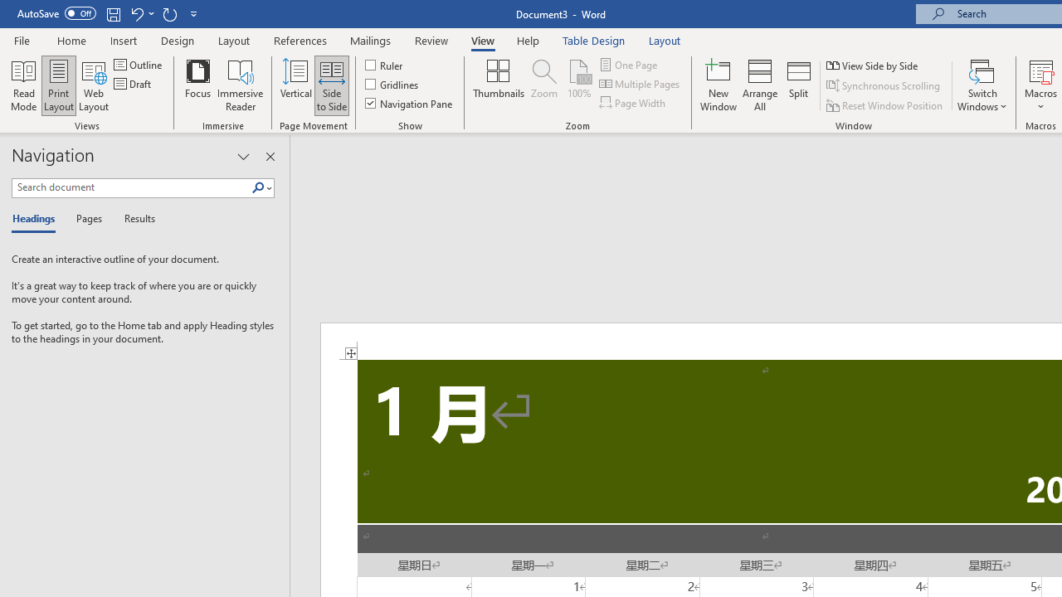  Describe the element at coordinates (56, 13) in the screenshot. I see `'AutoSave'` at that location.